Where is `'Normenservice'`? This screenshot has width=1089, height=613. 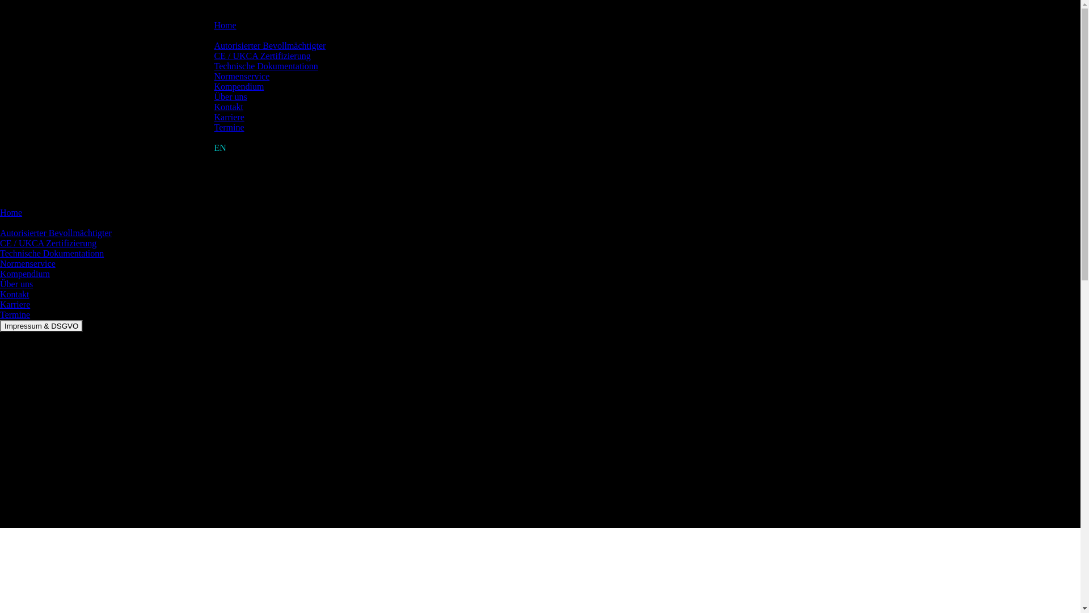 'Normenservice' is located at coordinates (242, 76).